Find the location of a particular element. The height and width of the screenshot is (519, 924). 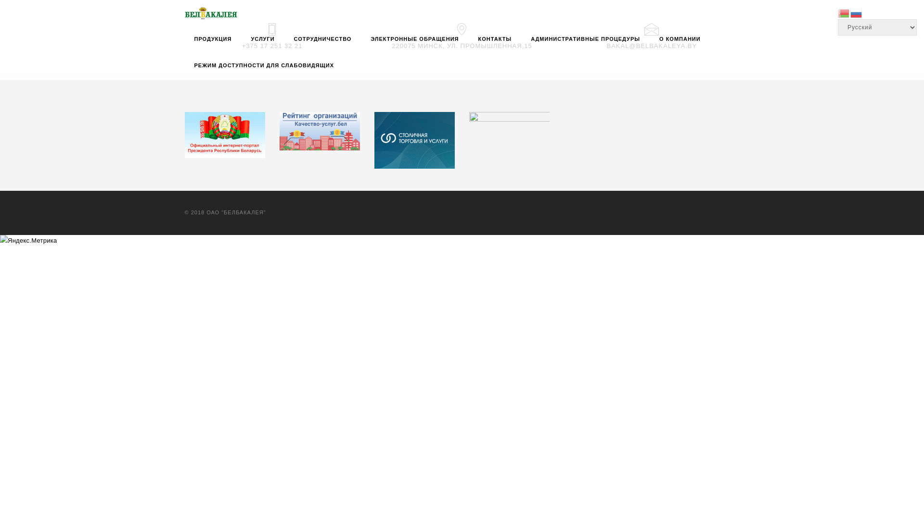

'BAKAL@BELBAKALEYA.BY' is located at coordinates (652, 46).